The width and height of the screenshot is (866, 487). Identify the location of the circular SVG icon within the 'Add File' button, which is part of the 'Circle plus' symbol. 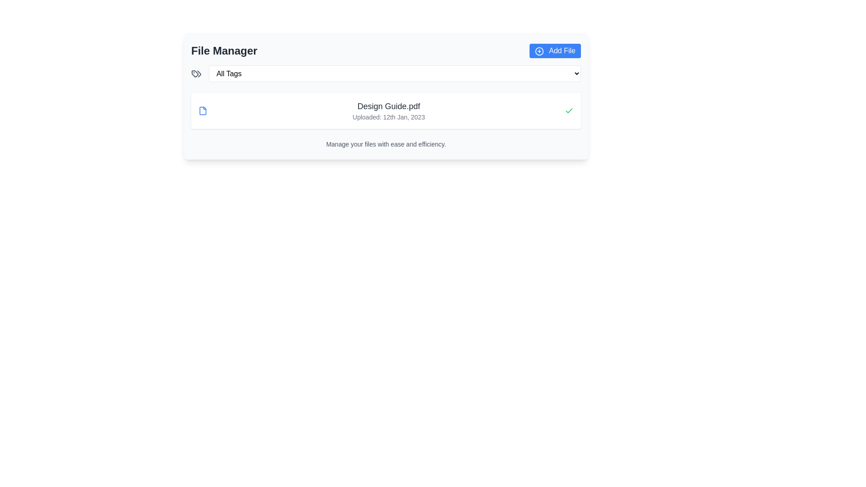
(539, 51).